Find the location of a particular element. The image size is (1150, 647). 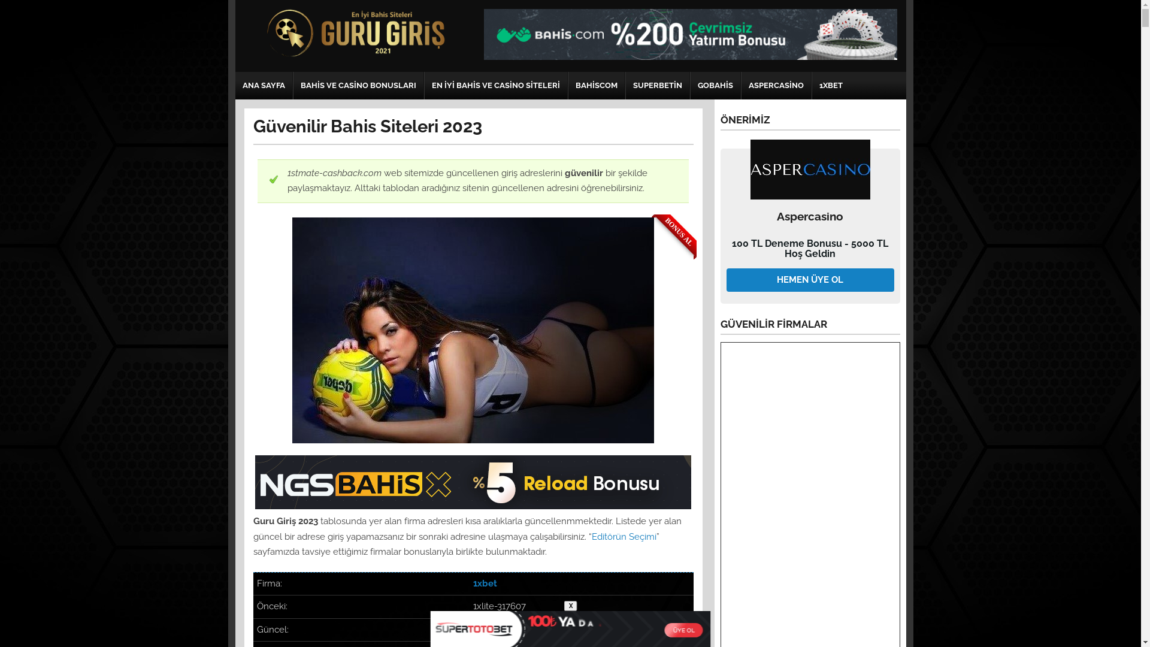

'1xlite-031453' is located at coordinates (473, 628).